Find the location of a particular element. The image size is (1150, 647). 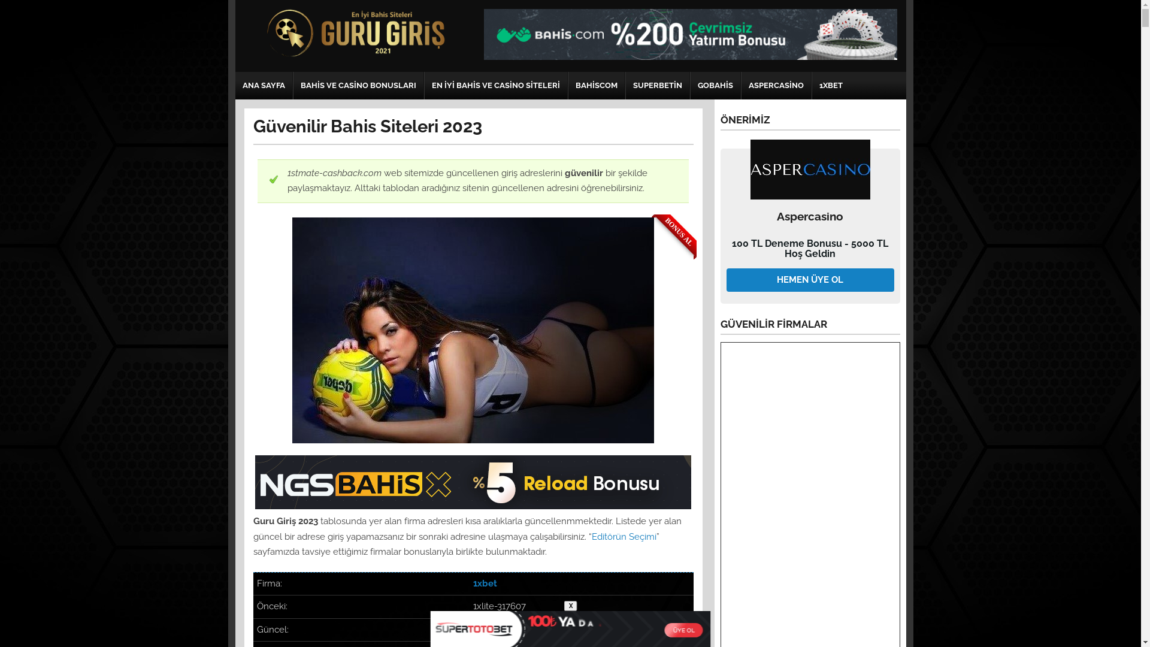

'1xlite-031453' is located at coordinates (473, 628).